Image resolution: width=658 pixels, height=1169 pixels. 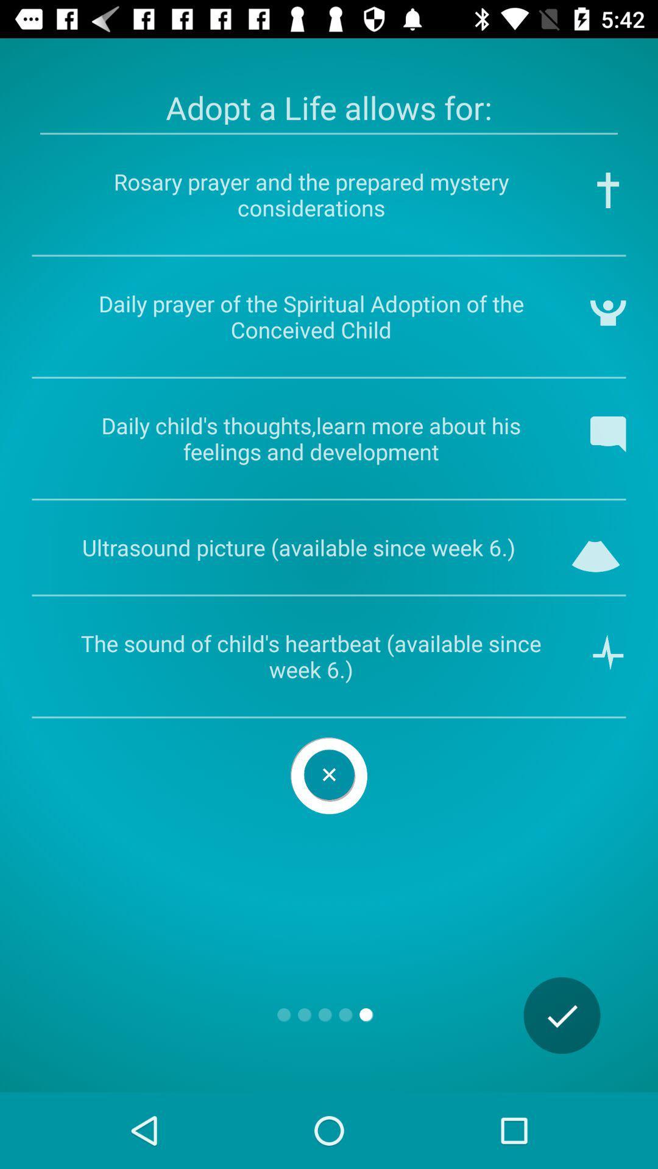 What do you see at coordinates (562, 1015) in the screenshot?
I see `the check icon` at bounding box center [562, 1015].